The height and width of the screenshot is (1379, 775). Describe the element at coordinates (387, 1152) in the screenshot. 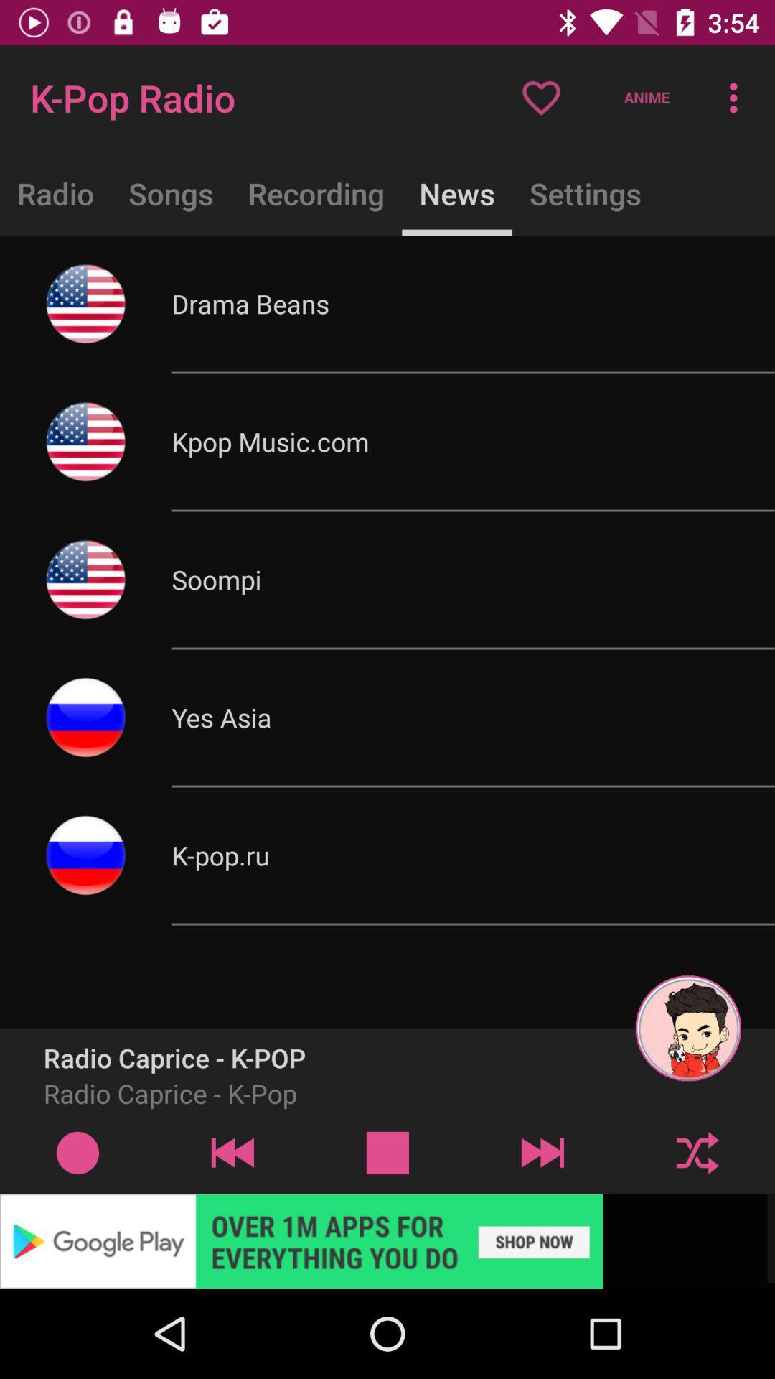

I see `stop` at that location.